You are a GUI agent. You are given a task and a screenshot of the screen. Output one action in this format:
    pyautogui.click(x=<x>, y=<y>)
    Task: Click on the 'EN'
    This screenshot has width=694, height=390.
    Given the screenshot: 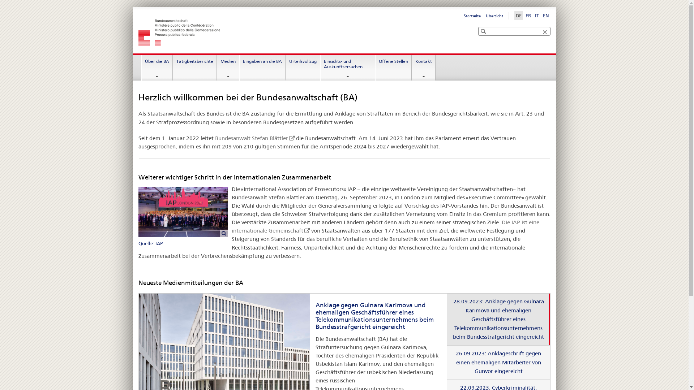 What is the action you would take?
    pyautogui.click(x=546, y=15)
    